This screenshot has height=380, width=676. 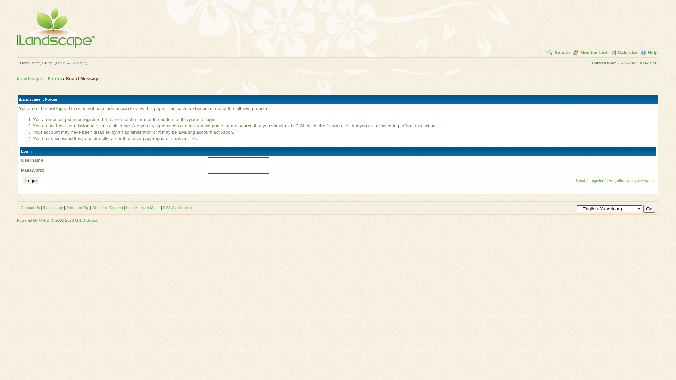 I want to click on 'Register', so click(x=71, y=62).